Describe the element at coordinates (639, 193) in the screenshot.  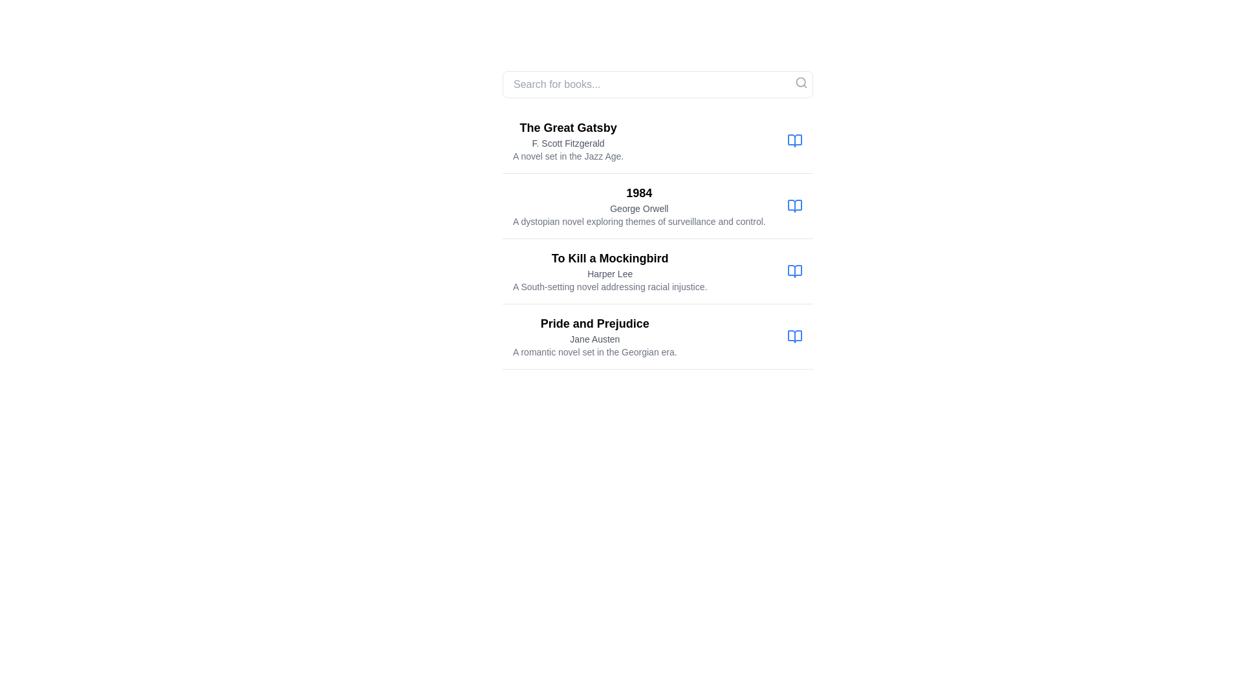
I see `the title text identifying the book '1984'` at that location.